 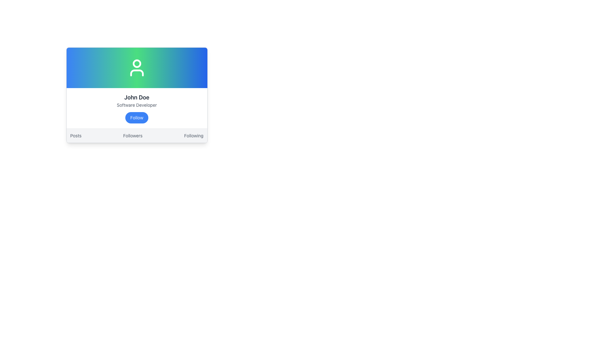 I want to click on the interactive text link labeled 'Posts' located in the horizontal menu below the 'Follow' button in the user profile card, so click(x=76, y=135).